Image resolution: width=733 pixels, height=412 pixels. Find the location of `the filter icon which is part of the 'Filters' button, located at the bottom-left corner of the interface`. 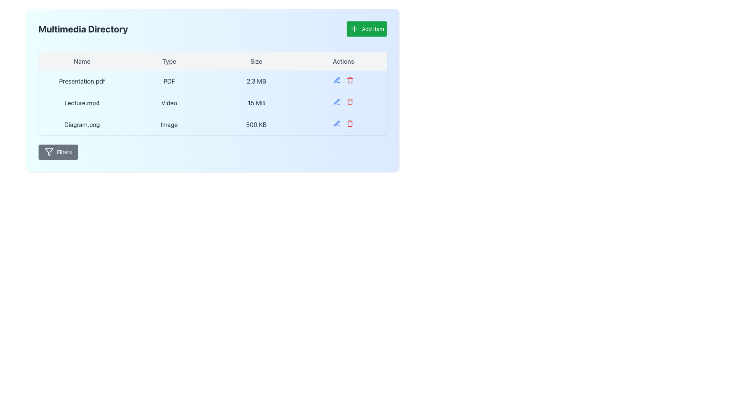

the filter icon which is part of the 'Filters' button, located at the bottom-left corner of the interface is located at coordinates (49, 152).